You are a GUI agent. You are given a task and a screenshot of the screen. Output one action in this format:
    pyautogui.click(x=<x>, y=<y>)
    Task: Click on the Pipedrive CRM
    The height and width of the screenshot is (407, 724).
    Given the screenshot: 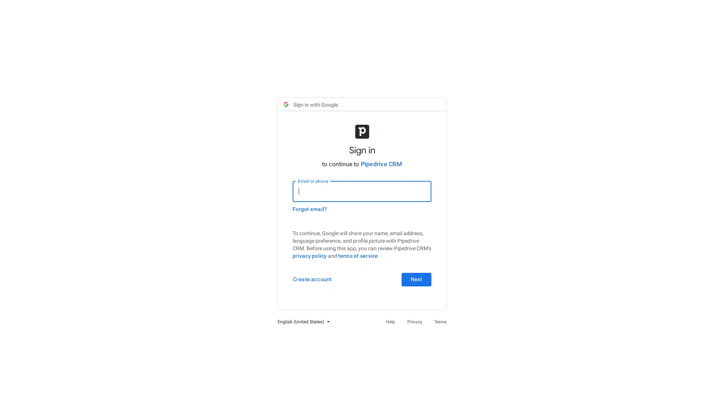 What is the action you would take?
    pyautogui.click(x=381, y=163)
    